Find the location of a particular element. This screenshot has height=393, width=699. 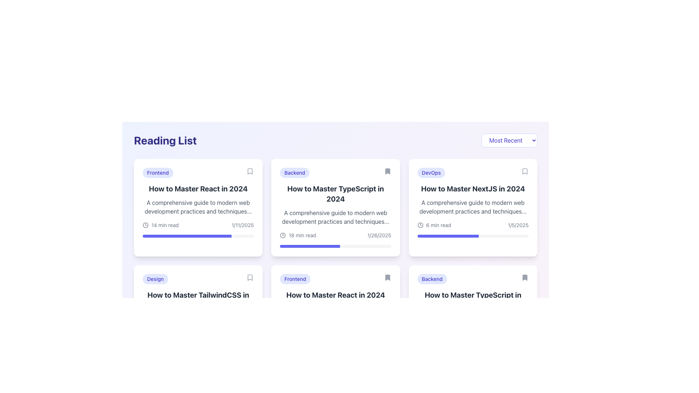

estimated reading time displayed on the Text Label for the article 'How to Master React in 2024', located under the main title of the card in the 'Reading List' section is located at coordinates (165, 225).